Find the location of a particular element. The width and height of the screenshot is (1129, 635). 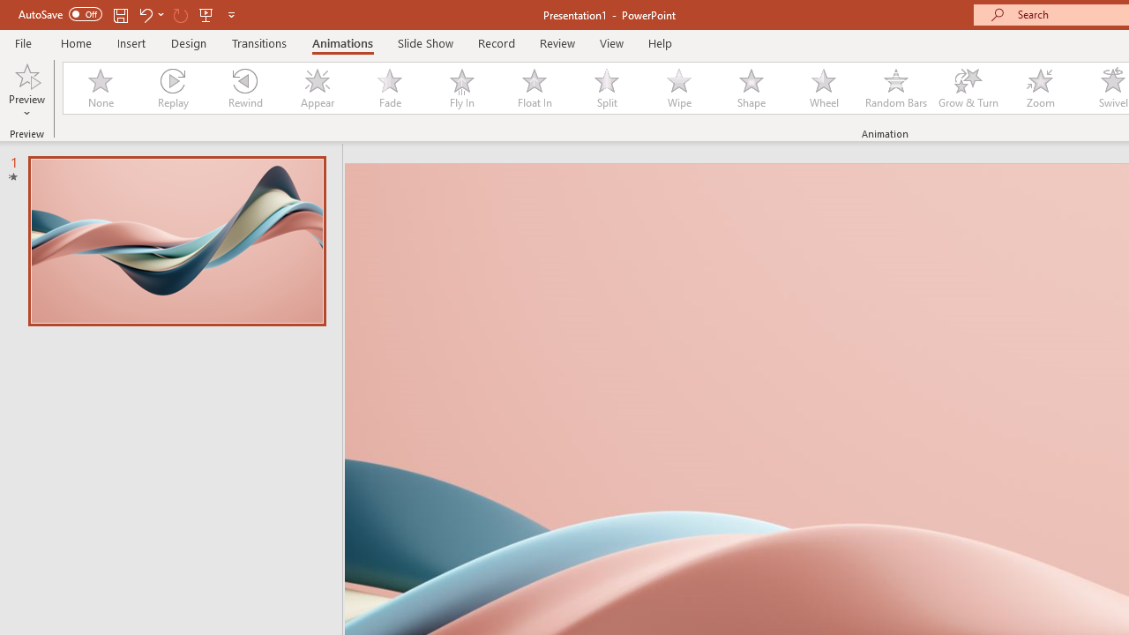

'None' is located at coordinates (99, 88).